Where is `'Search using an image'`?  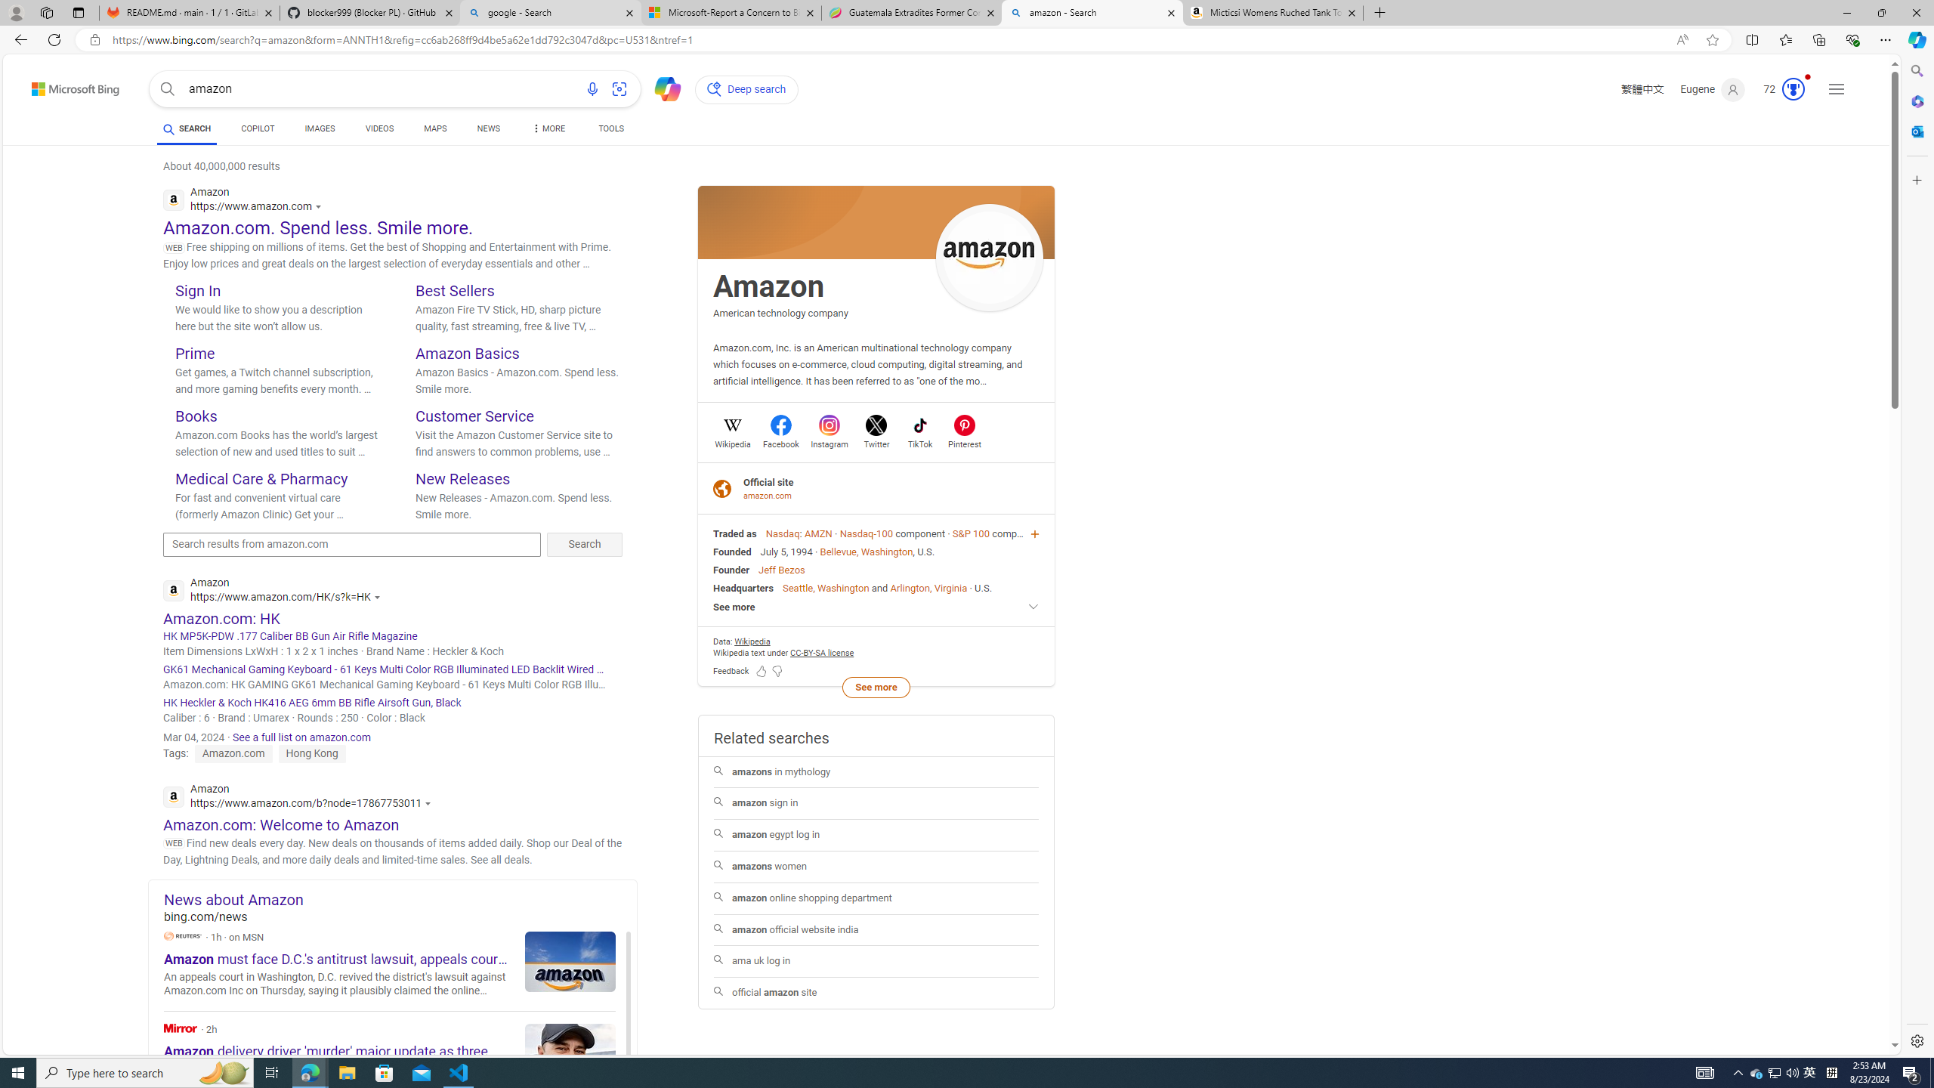
'Search using an image' is located at coordinates (619, 89).